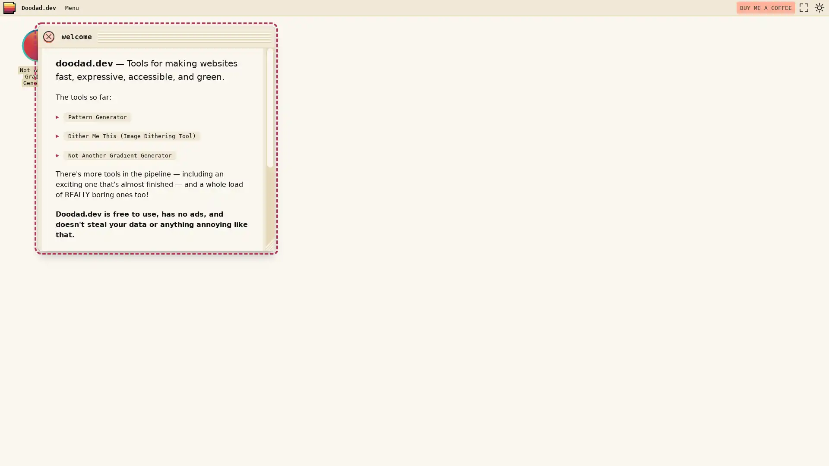 The image size is (829, 466). Describe the element at coordinates (516, 36) in the screenshot. I see `close window` at that location.